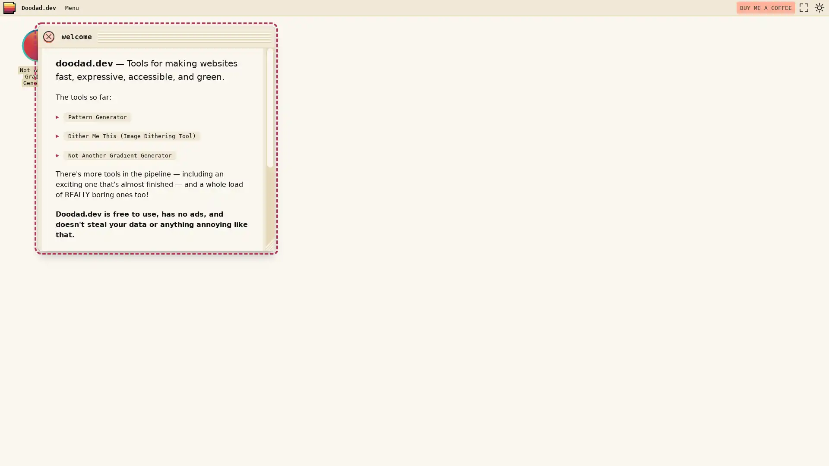 The image size is (829, 466). Describe the element at coordinates (516, 36) in the screenshot. I see `close window` at that location.